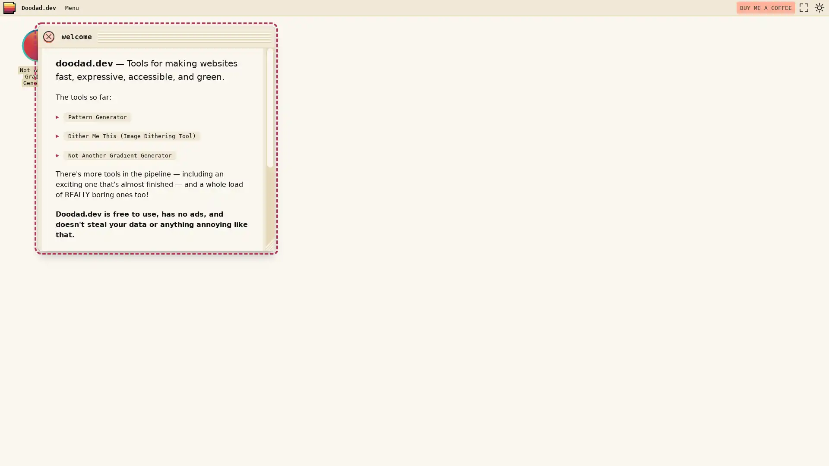 The image size is (829, 466). Describe the element at coordinates (516, 36) in the screenshot. I see `close window` at that location.